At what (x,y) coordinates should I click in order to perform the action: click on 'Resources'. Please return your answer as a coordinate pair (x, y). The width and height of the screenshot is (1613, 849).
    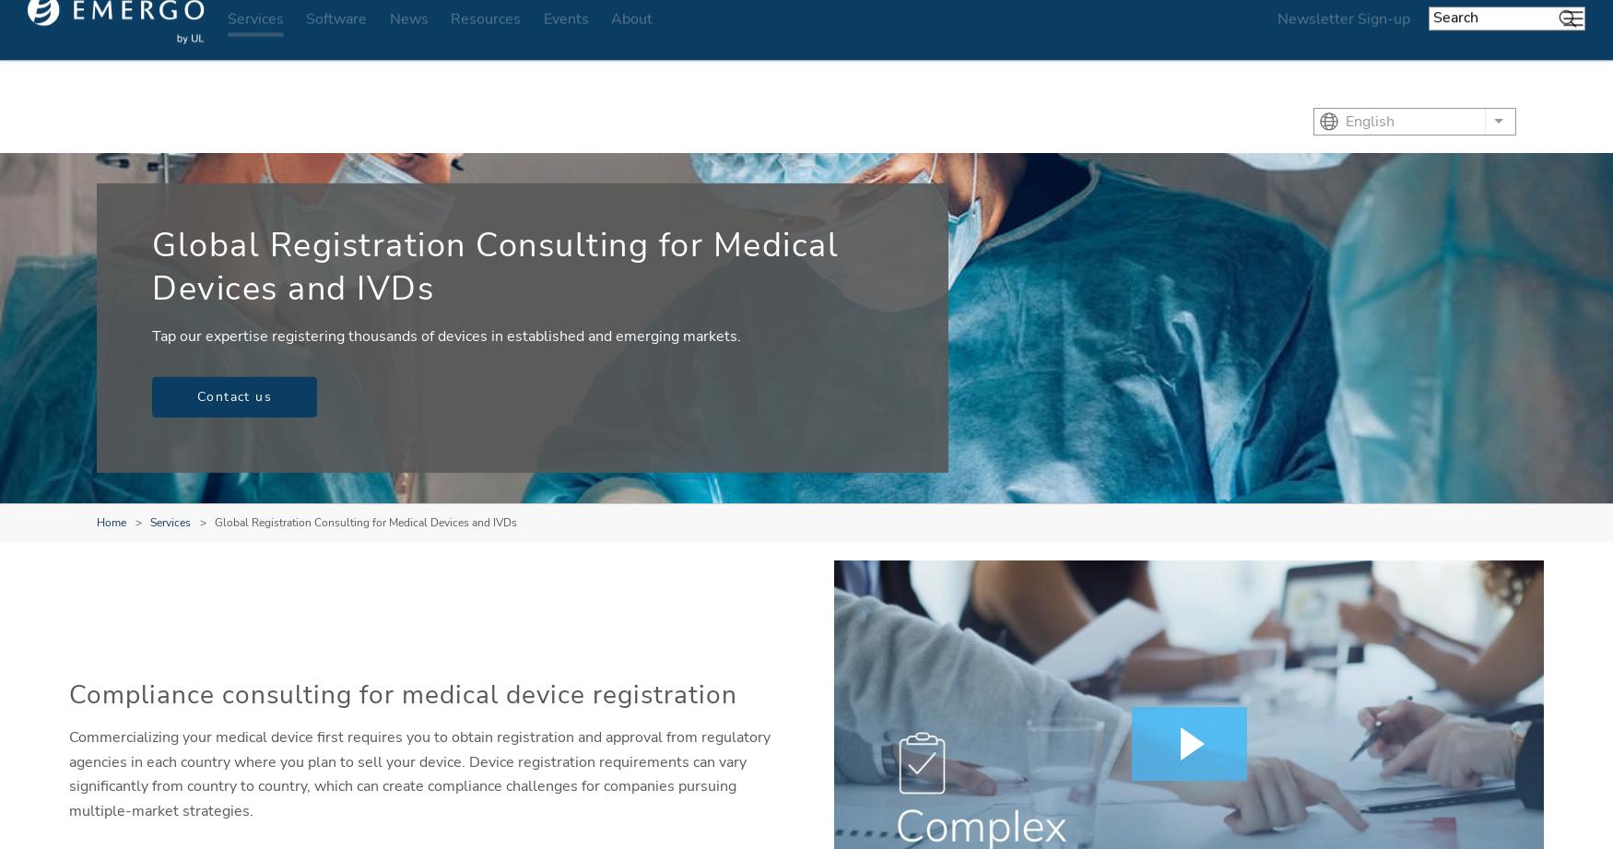
    Looking at the image, I should click on (484, 41).